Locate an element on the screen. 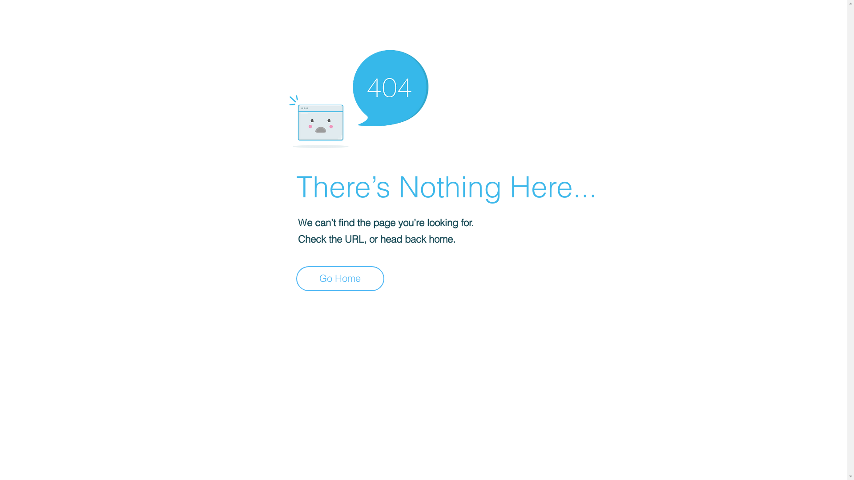 This screenshot has height=480, width=854. '404-icon_2.png' is located at coordinates (358, 96).